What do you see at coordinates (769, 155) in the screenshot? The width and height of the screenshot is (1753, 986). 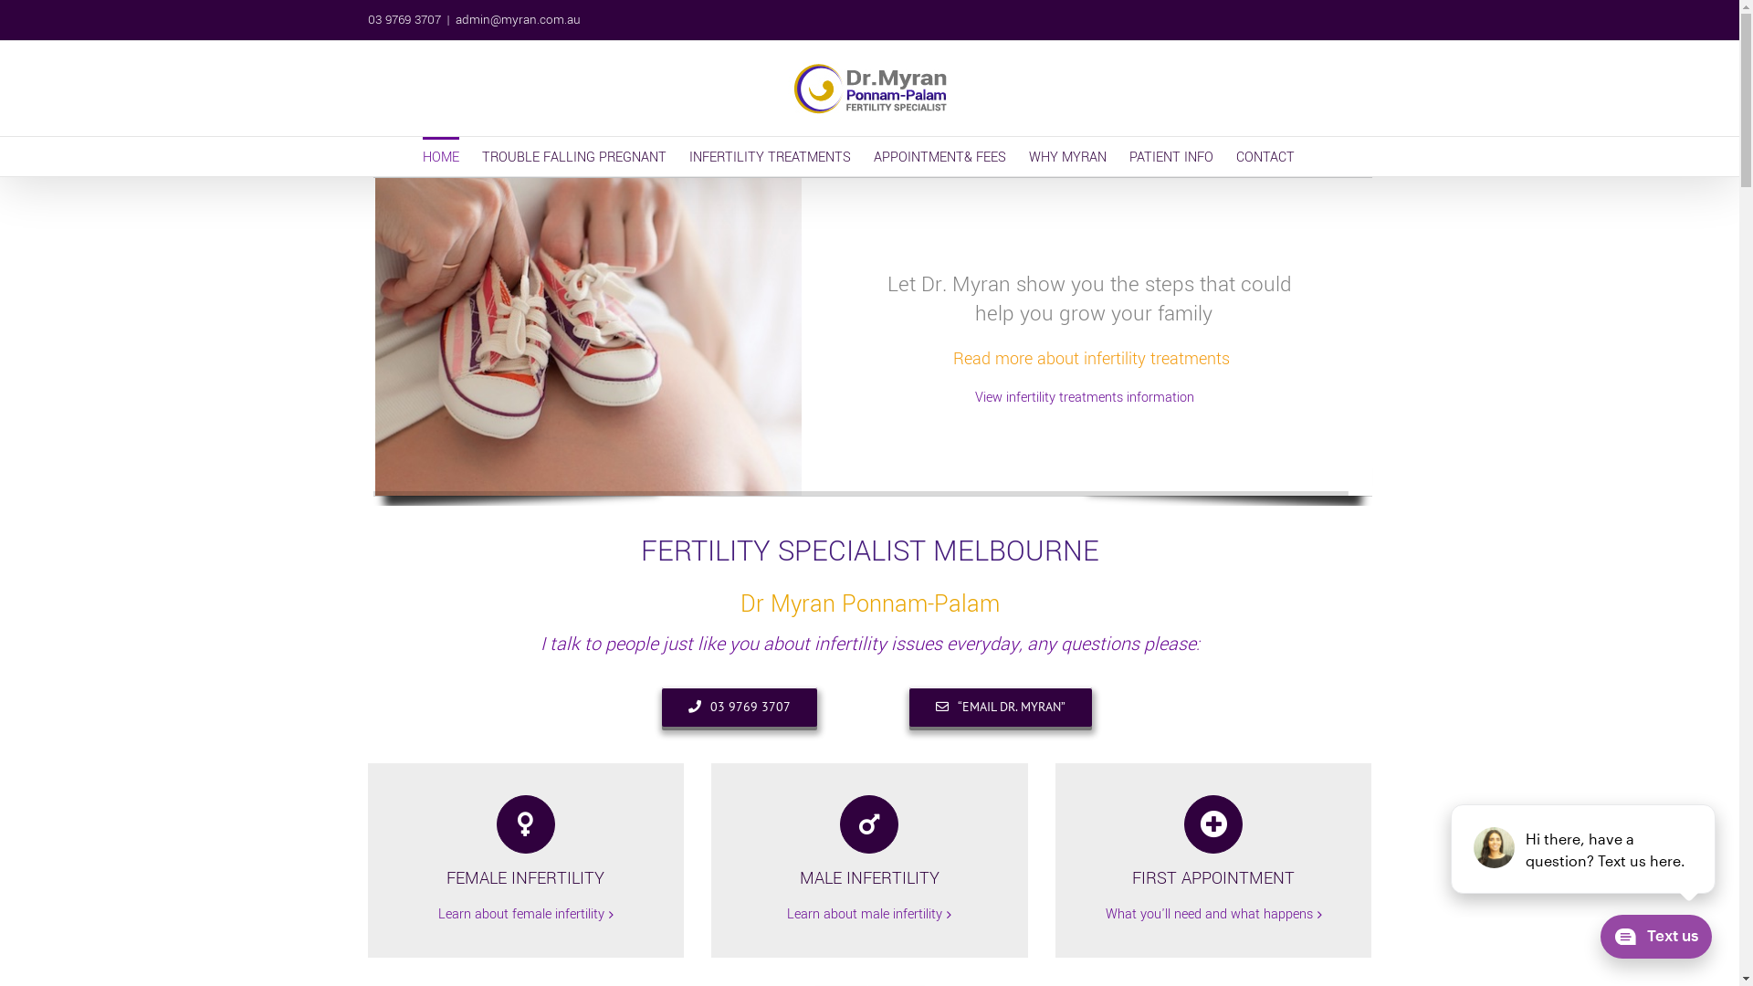 I see `'INFERTILITY TREATMENTS'` at bounding box center [769, 155].